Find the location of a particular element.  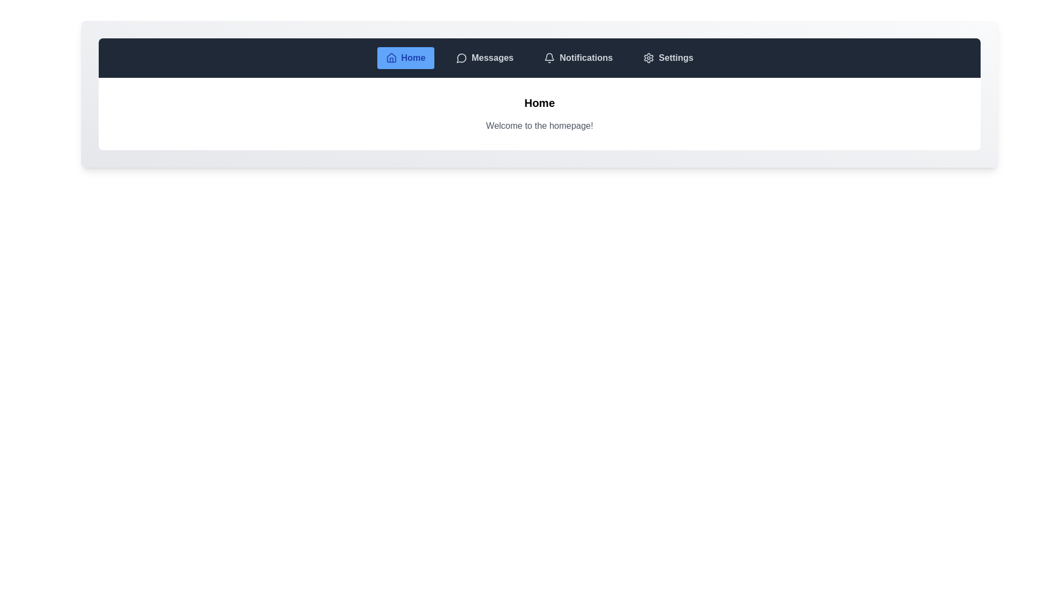

the tab labeled Messages to observe its hover effect is located at coordinates (484, 58).